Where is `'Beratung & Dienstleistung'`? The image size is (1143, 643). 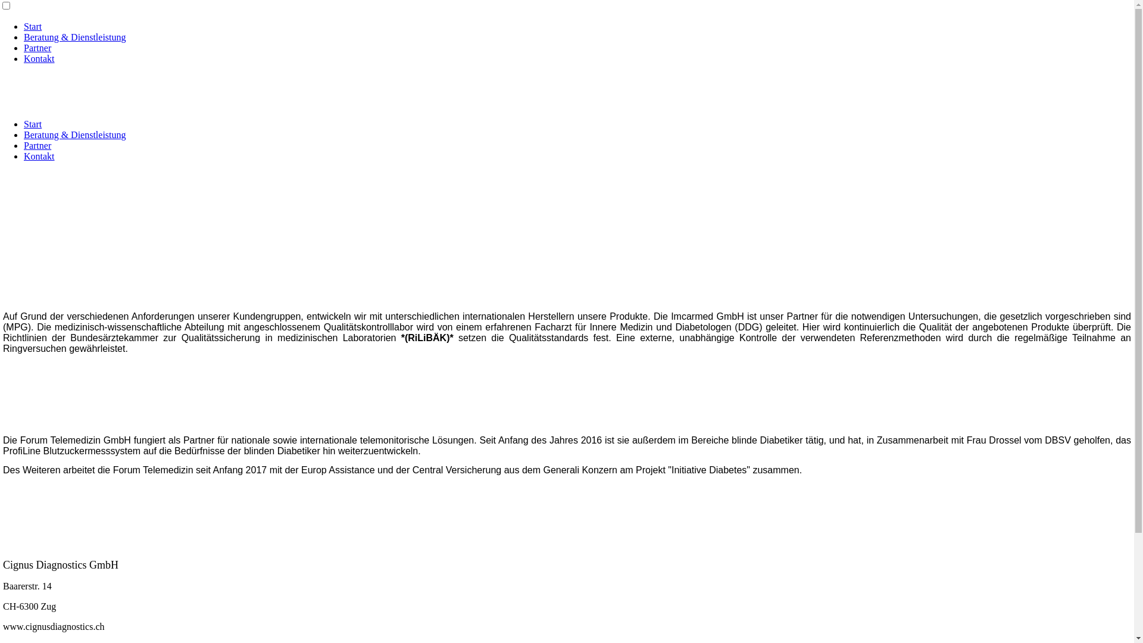
'Beratung & Dienstleistung' is located at coordinates (74, 36).